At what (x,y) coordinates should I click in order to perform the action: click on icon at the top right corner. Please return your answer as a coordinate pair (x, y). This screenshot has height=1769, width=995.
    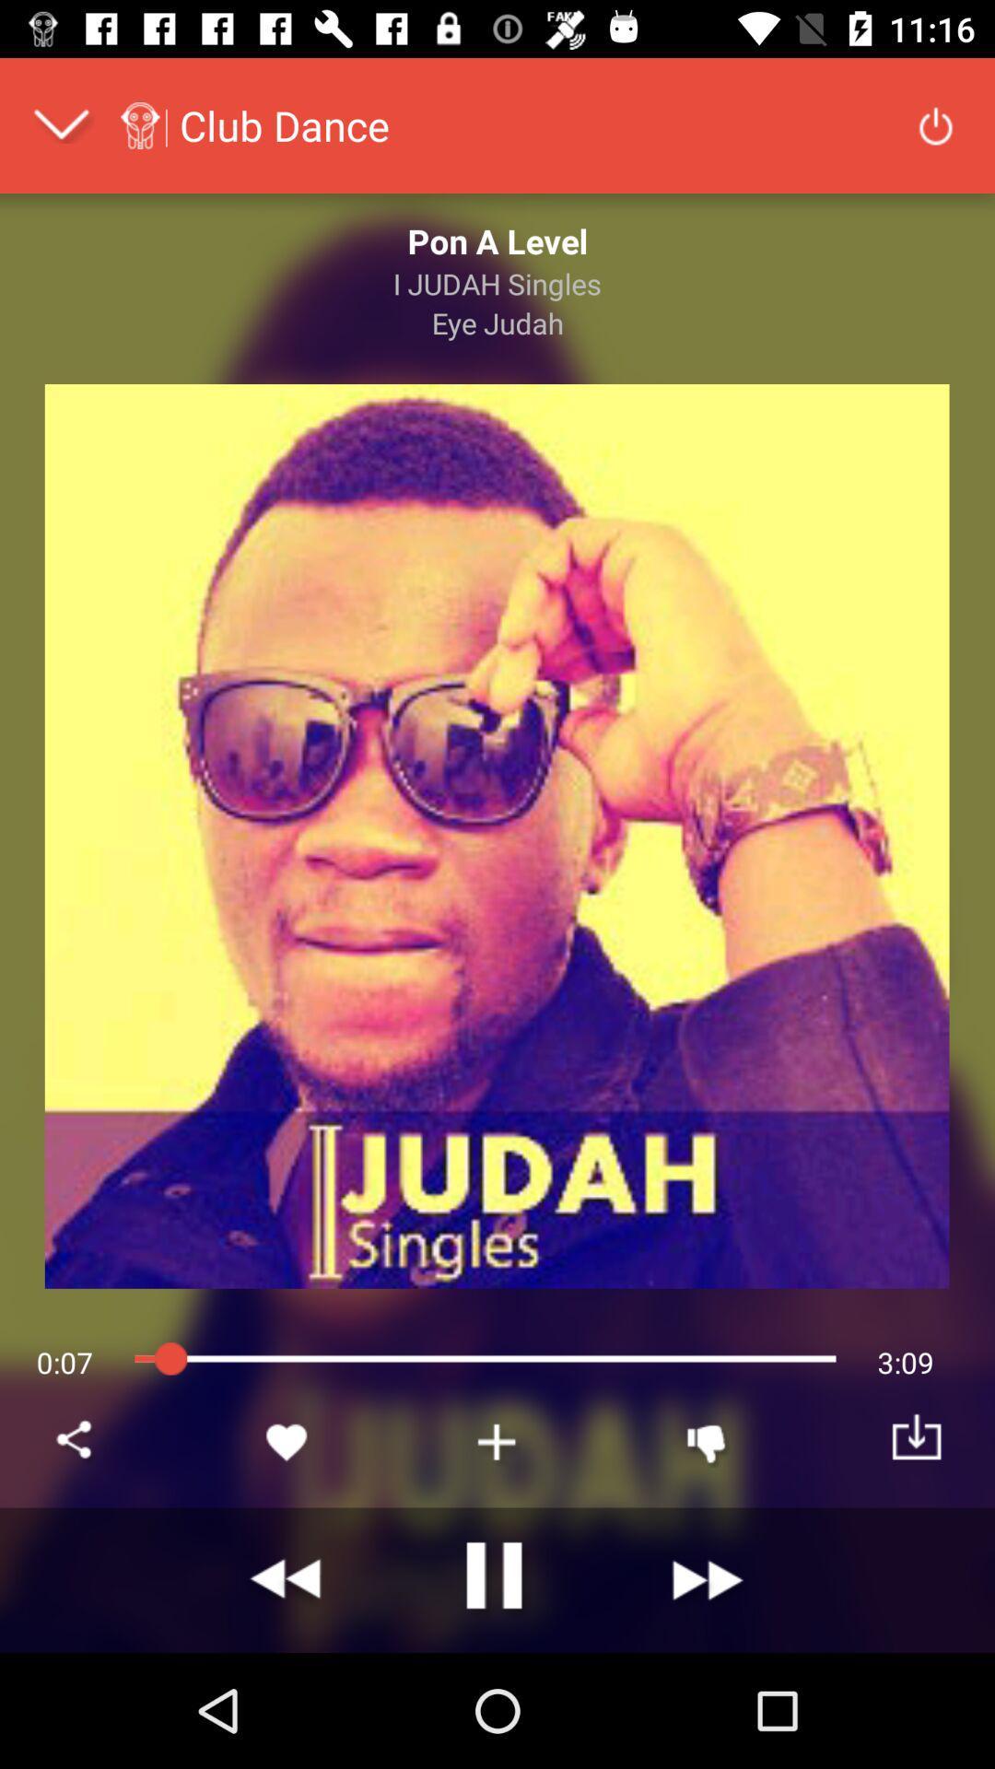
    Looking at the image, I should click on (935, 123).